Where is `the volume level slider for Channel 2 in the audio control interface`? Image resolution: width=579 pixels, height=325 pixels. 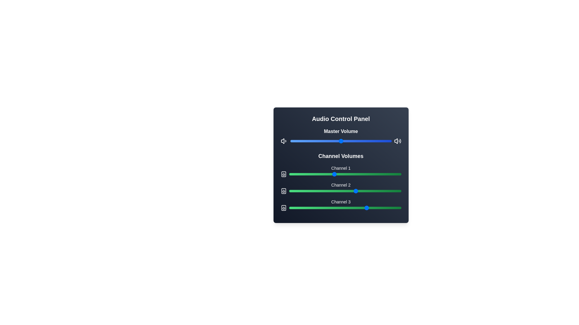 the volume level slider for Channel 2 in the audio control interface is located at coordinates (345, 191).